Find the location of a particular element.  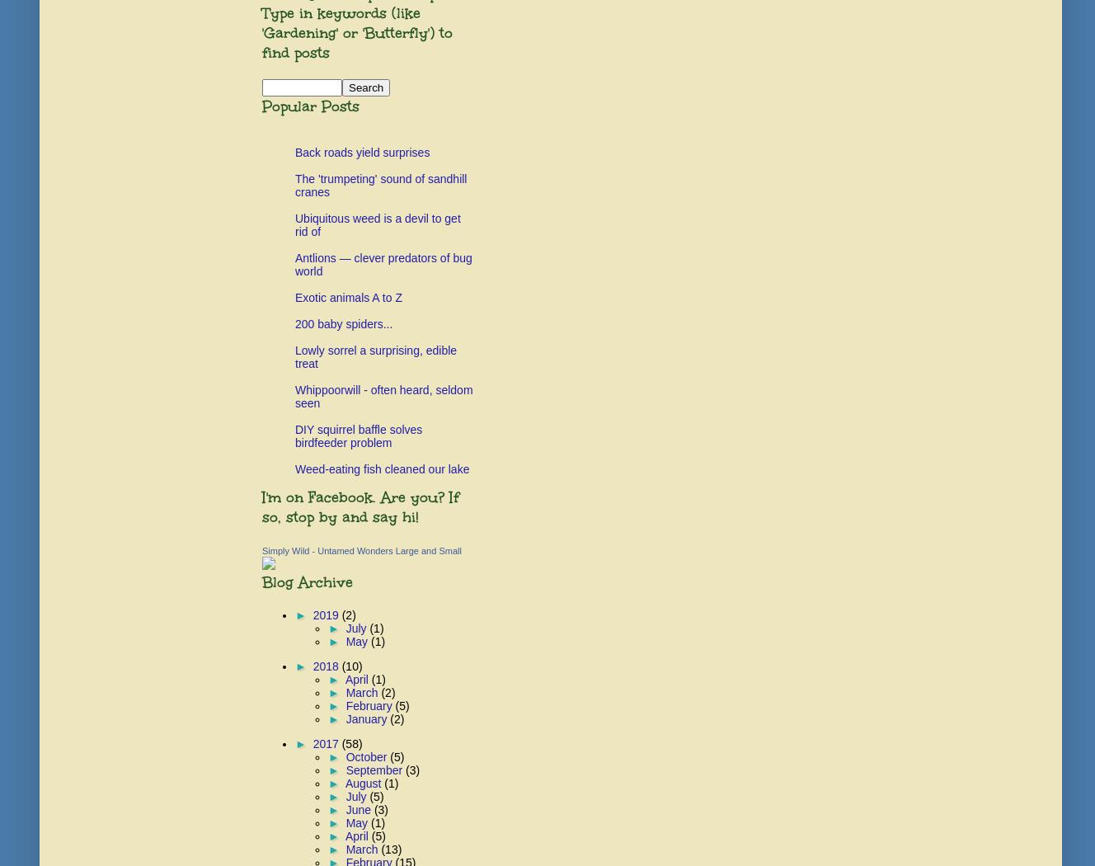

'Popular Posts' is located at coordinates (310, 106).